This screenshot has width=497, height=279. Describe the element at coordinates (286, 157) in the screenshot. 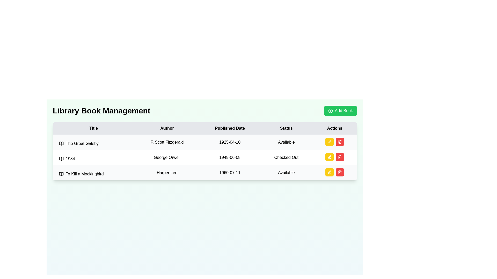

I see `the 'Checked Out' text label in the fourth column under the 'Status' header for the book '1984' by 'George Orwell'` at that location.